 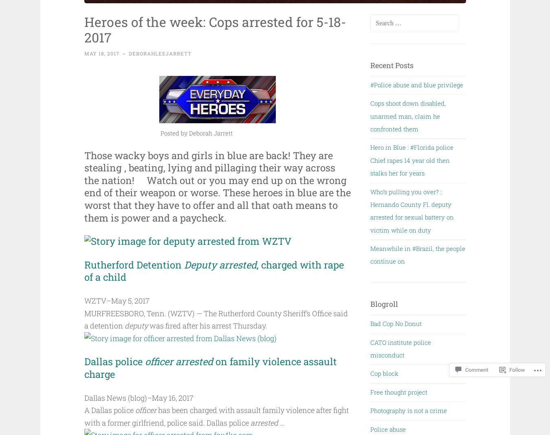 I want to click on 'Those wacky boys and girls in blue are back! They are stealing , beating, lying and pillaging their way across the nation!     Watch out or you may end up on the wrong end of their weapon or worse. These heroes in blue are the worst that they have to offer and all that oath means to them is power and a paycheck.', so click(x=216, y=186).